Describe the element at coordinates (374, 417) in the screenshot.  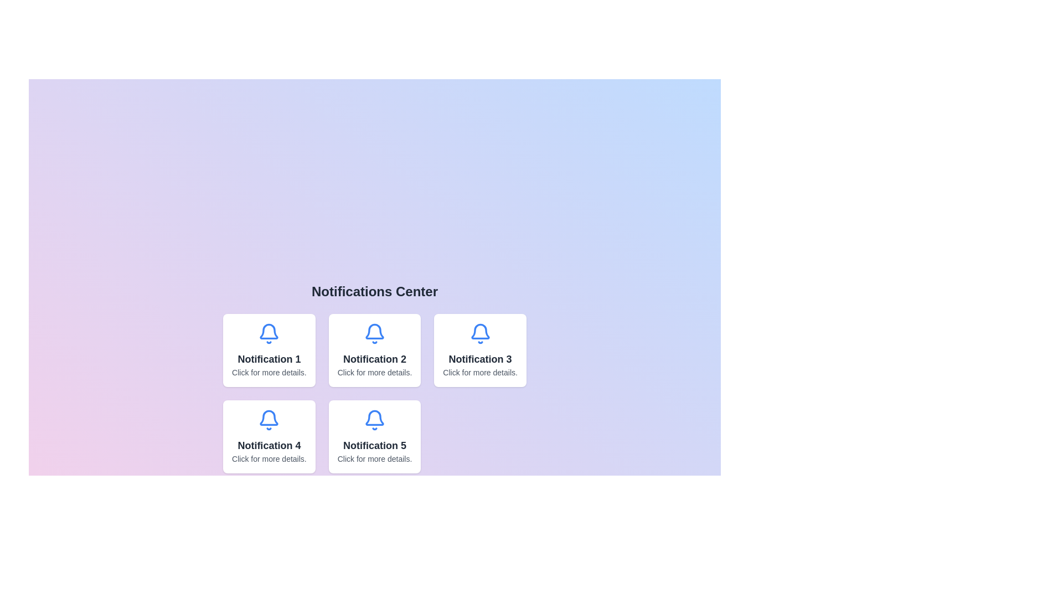
I see `the bell icon with a blue outline located in the notification panel below 'Notification 5'` at that location.